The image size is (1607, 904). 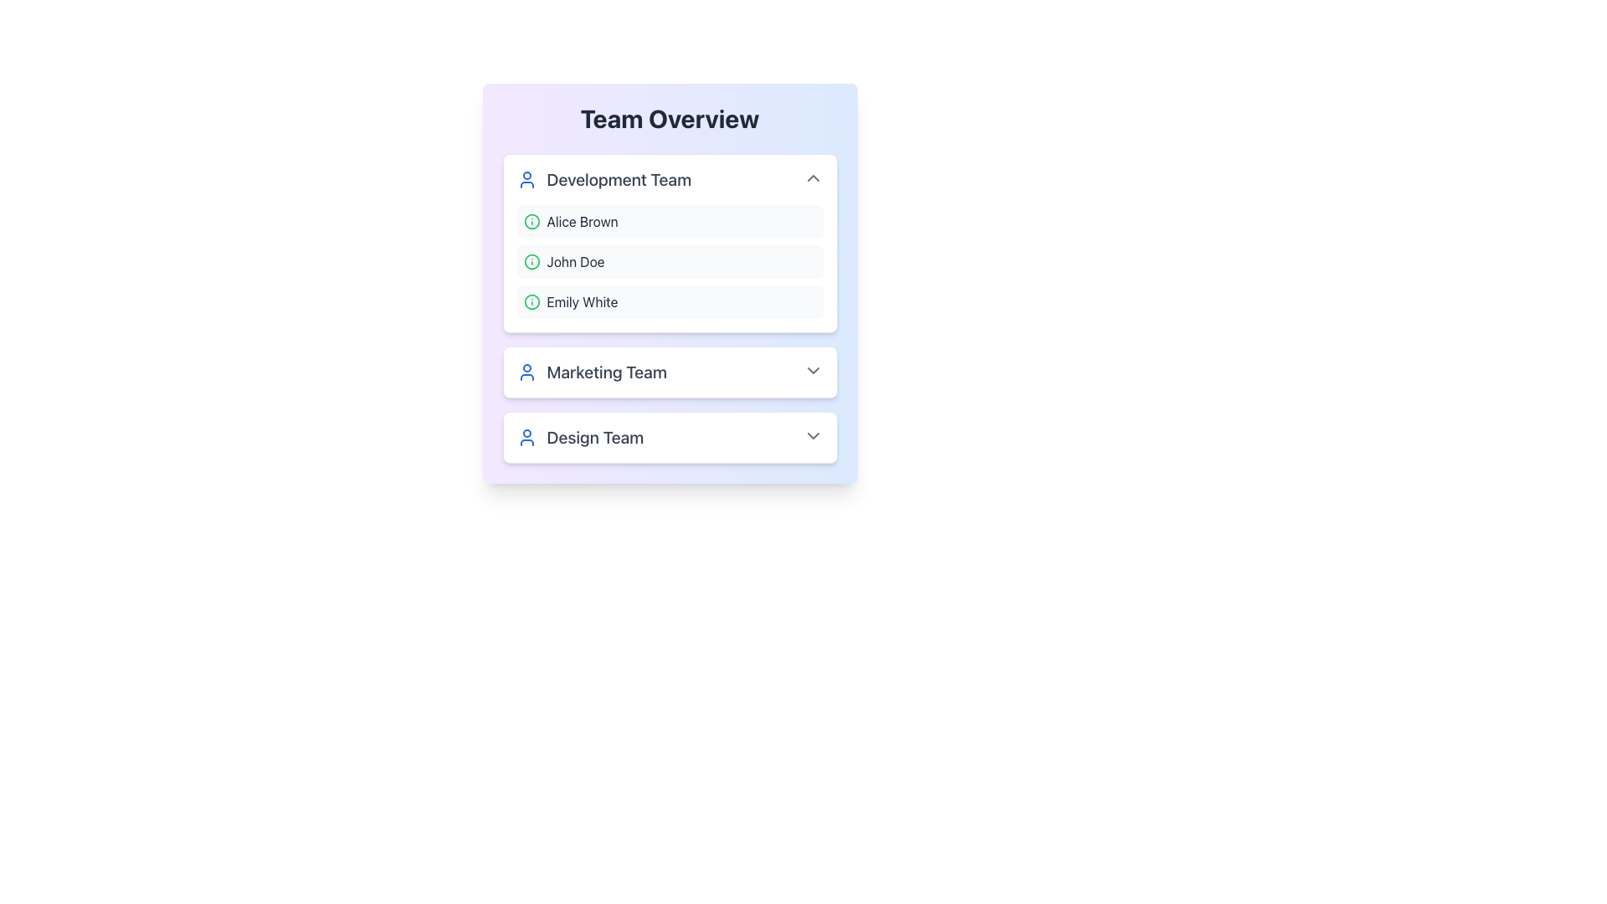 I want to click on the 'Design Team' text label, which is displayed in bold gray font and positioned to the right of a blue user icon, so click(x=595, y=437).